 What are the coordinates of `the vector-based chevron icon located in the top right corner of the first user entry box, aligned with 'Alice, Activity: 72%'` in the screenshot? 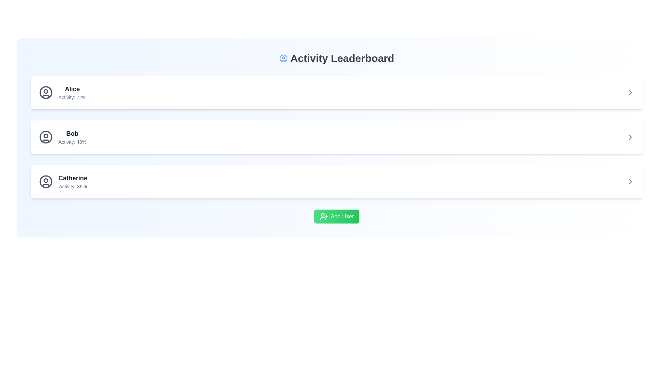 It's located at (630, 92).